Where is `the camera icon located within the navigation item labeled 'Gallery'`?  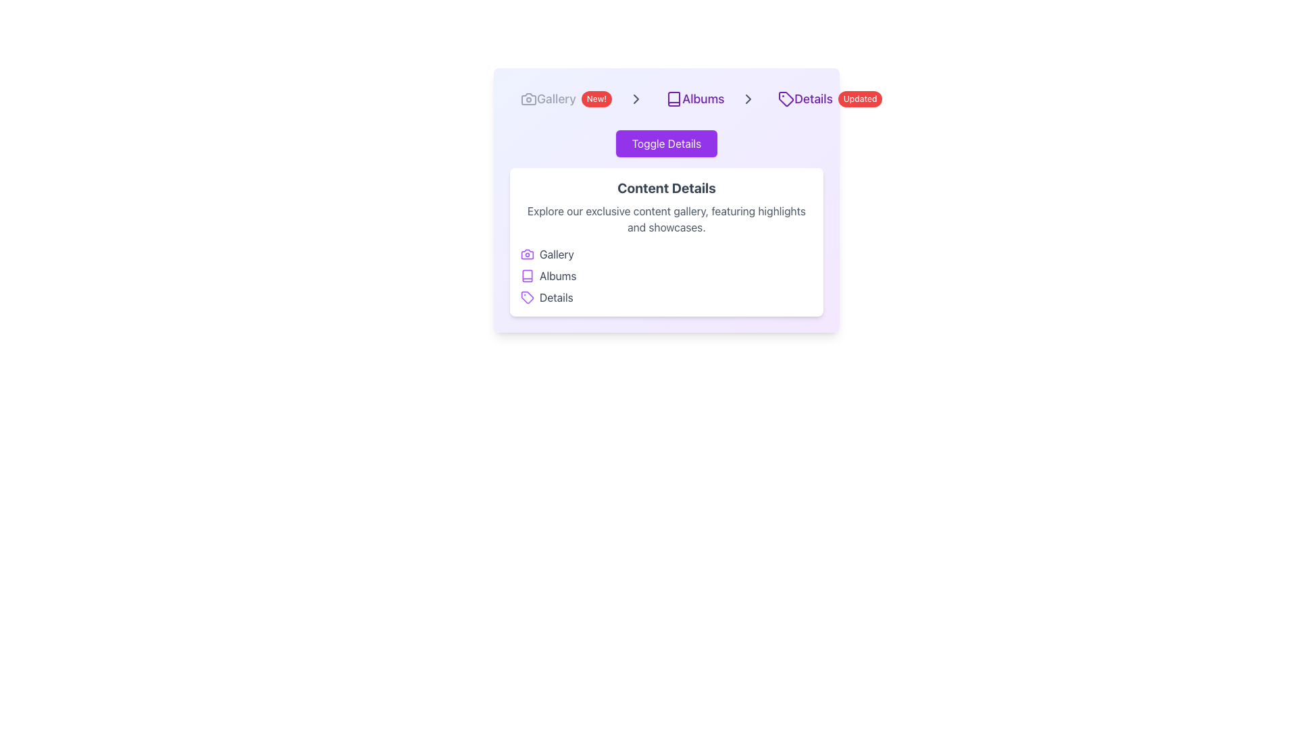
the camera icon located within the navigation item labeled 'Gallery' is located at coordinates (528, 98).